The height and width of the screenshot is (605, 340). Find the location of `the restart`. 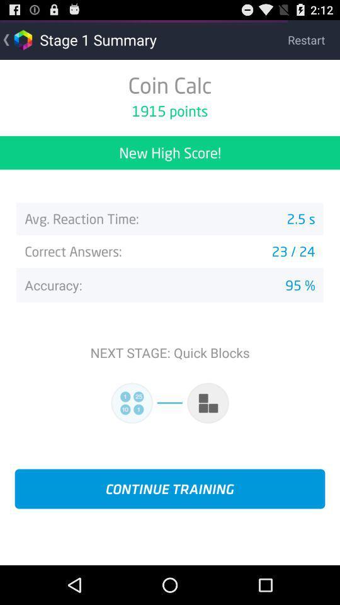

the restart is located at coordinates (313, 39).